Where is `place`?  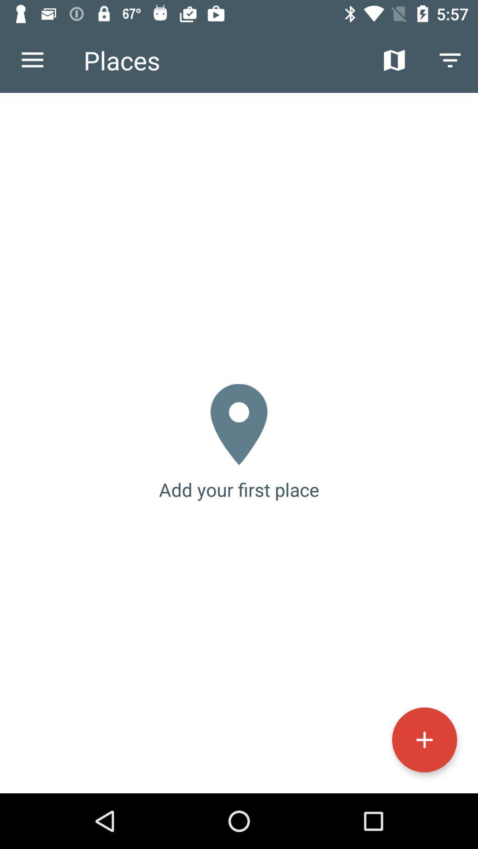
place is located at coordinates (424, 740).